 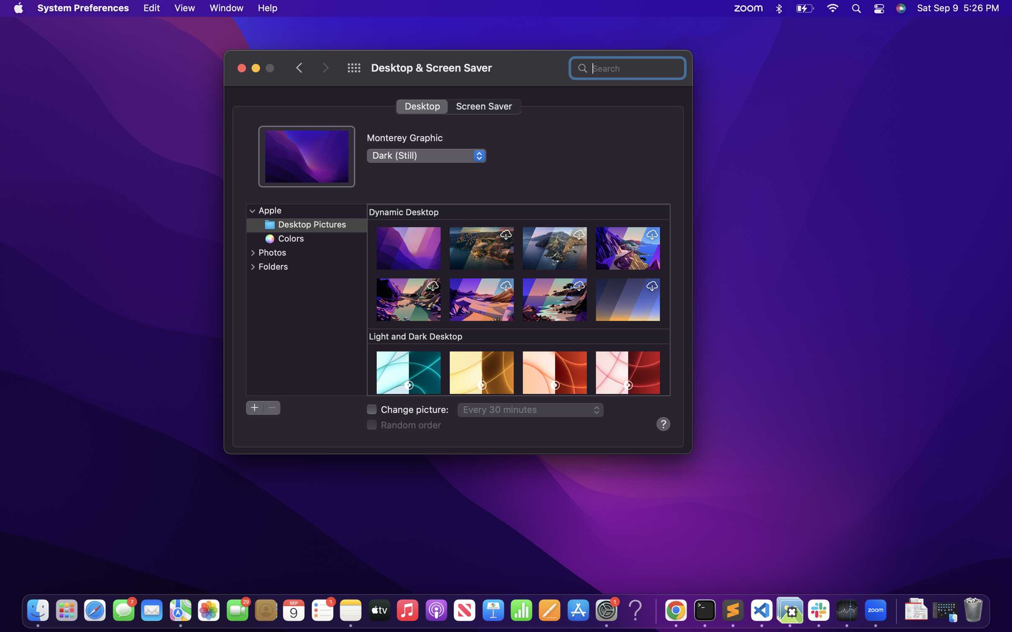 What do you see at coordinates (519, 300) in the screenshot?
I see `Navigate down on the screen` at bounding box center [519, 300].